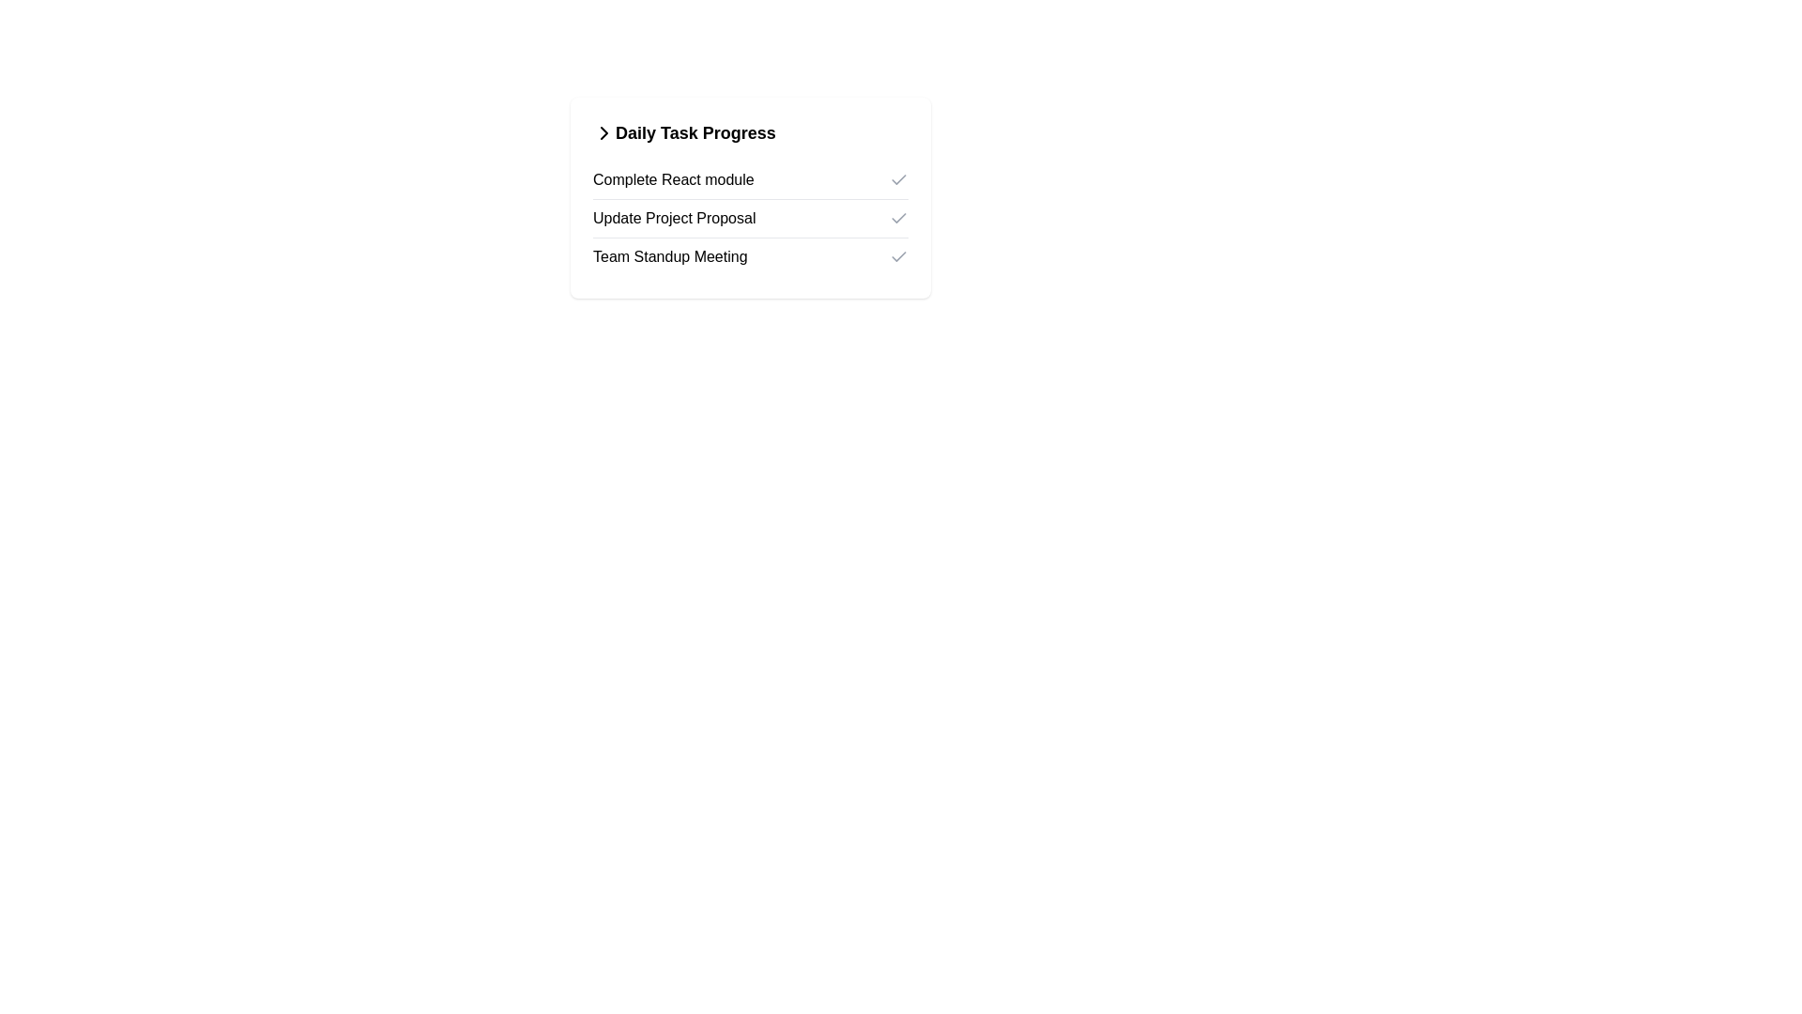 The height and width of the screenshot is (1014, 1802). Describe the element at coordinates (898, 179) in the screenshot. I see `completion status icon (SVG graphic) located to the right of the text 'Complete React module' in the task list using development tools` at that location.